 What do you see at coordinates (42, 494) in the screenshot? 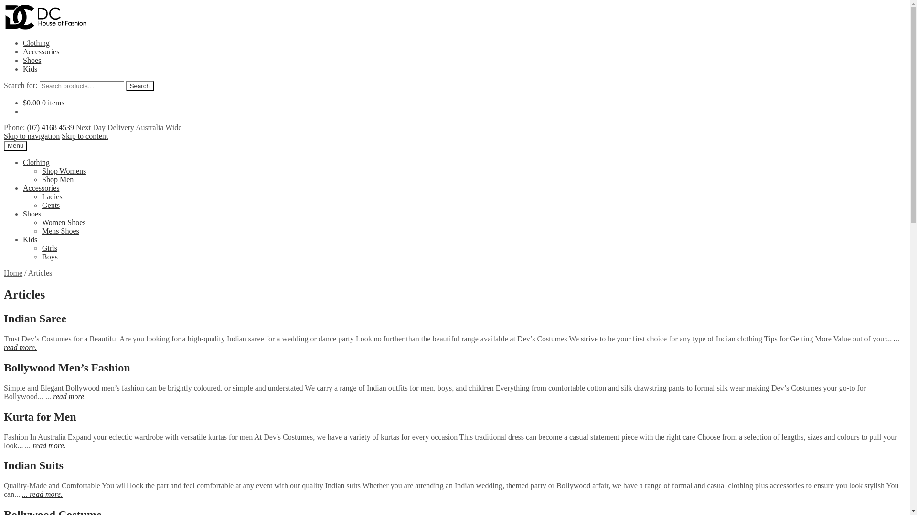
I see `'... read more.'` at bounding box center [42, 494].